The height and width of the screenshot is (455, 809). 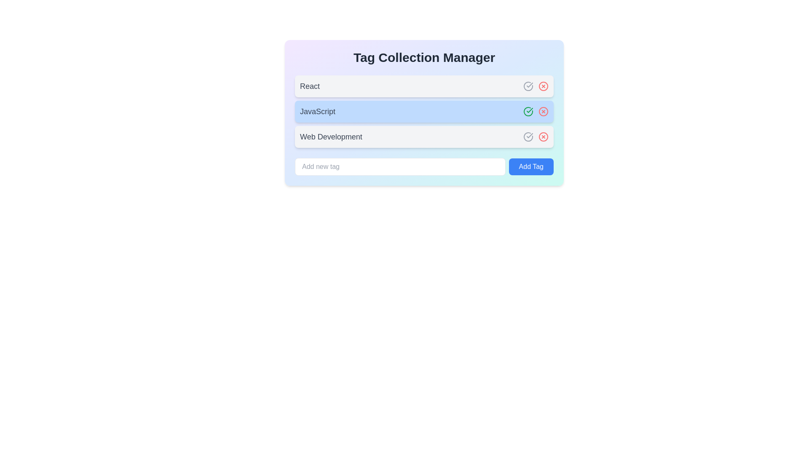 I want to click on the interactive SVG-based circular checkmark icon located to the right of the 'Web Development' tag to confirm or mark the action, so click(x=528, y=136).